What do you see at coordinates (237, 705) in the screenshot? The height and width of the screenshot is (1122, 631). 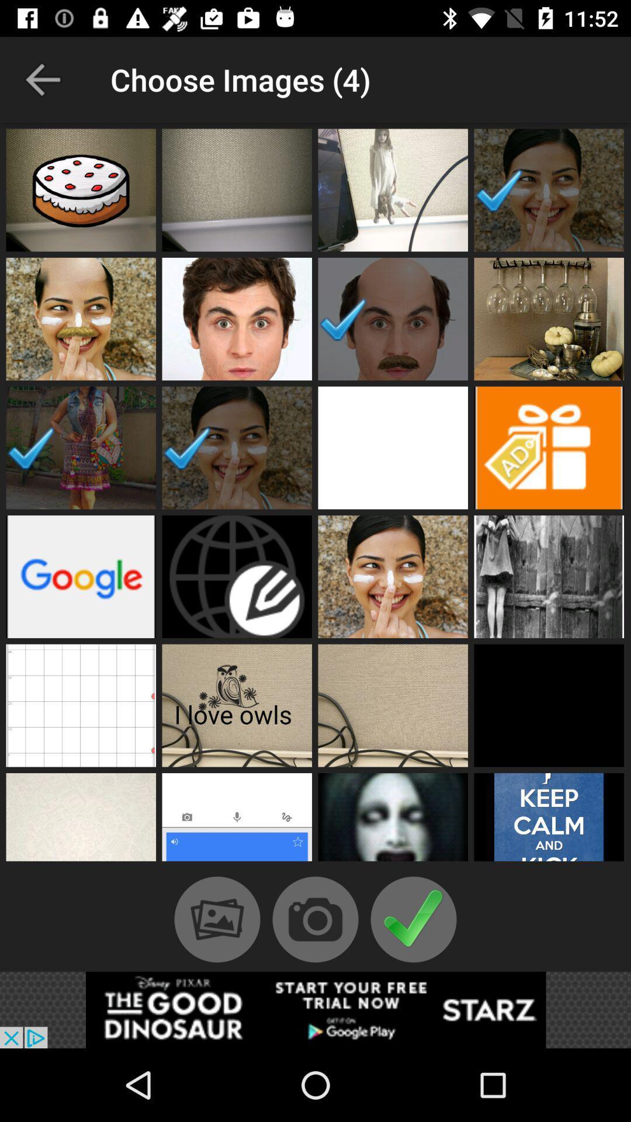 I see `it` at bounding box center [237, 705].